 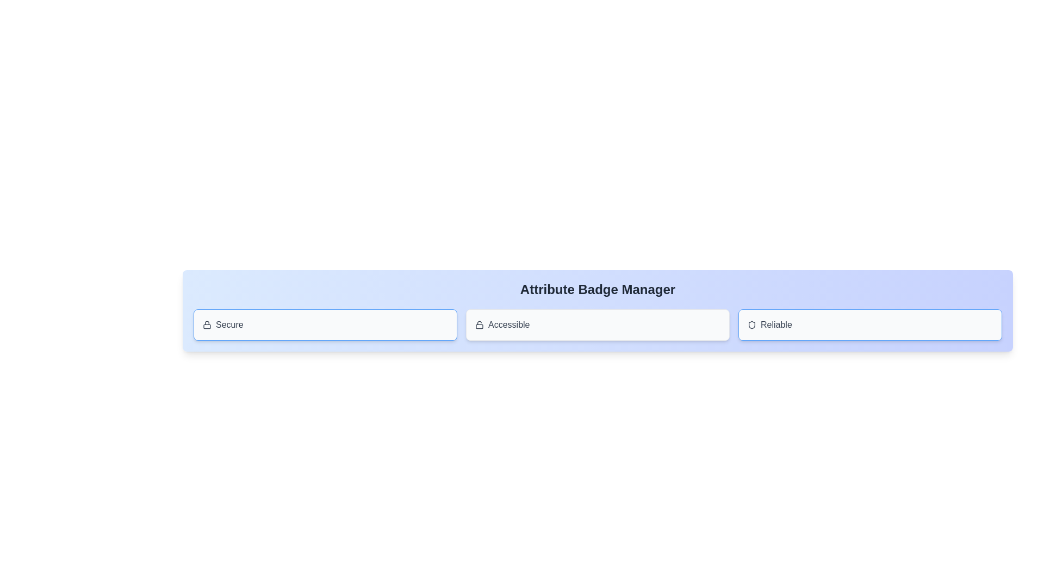 What do you see at coordinates (325, 324) in the screenshot?
I see `the badge labeled Secure to toggle its active state` at bounding box center [325, 324].